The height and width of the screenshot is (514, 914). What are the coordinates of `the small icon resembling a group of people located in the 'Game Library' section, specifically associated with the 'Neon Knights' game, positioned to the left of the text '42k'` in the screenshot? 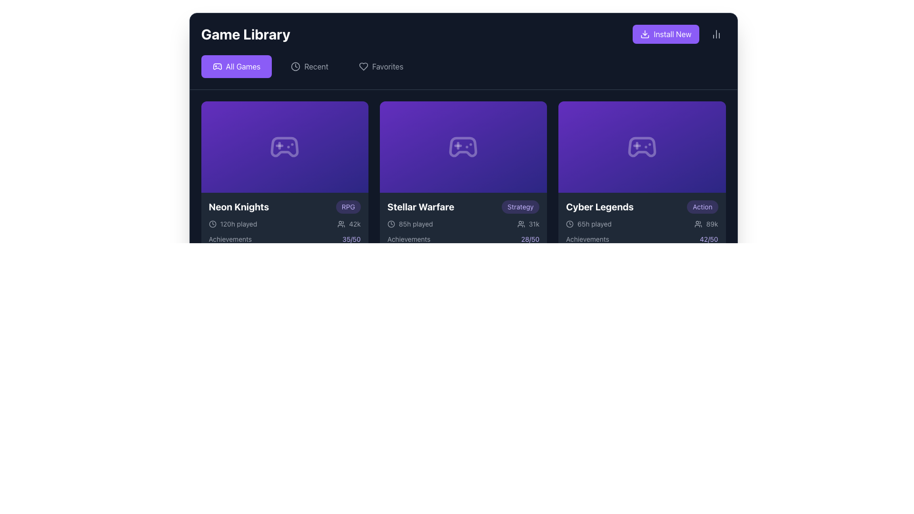 It's located at (341, 224).